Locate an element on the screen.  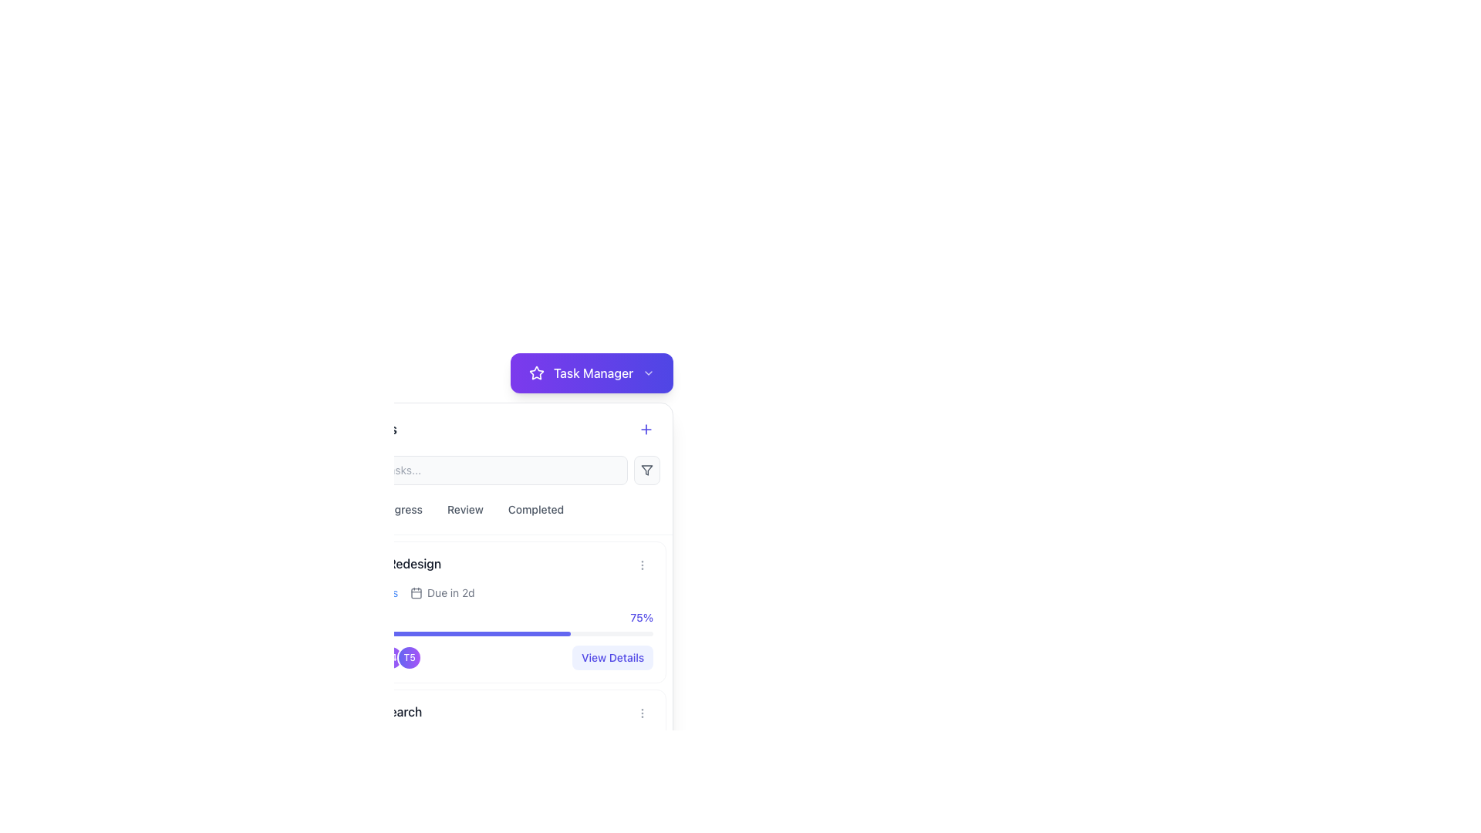
the avatars in the Interactive button with supplementary avatars is located at coordinates (487, 805).